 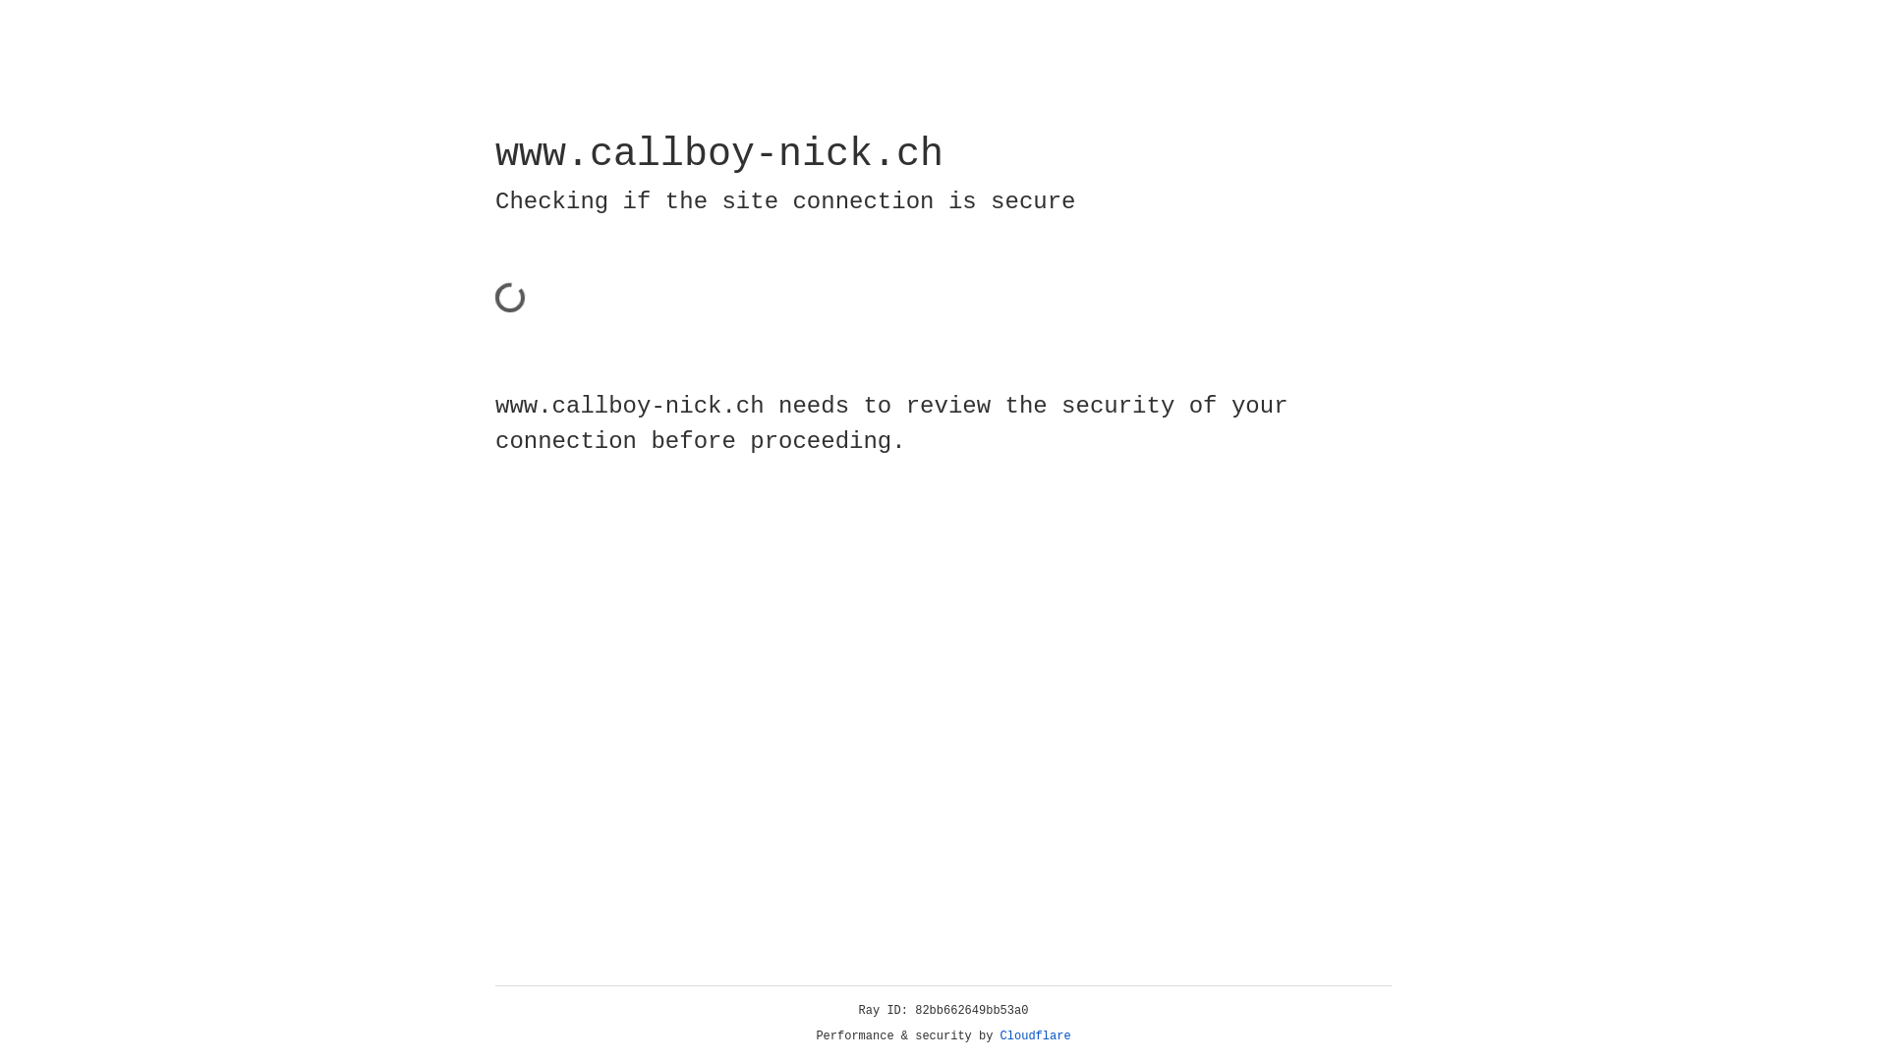 I want to click on 'Cloudflare', so click(x=1035, y=1035).